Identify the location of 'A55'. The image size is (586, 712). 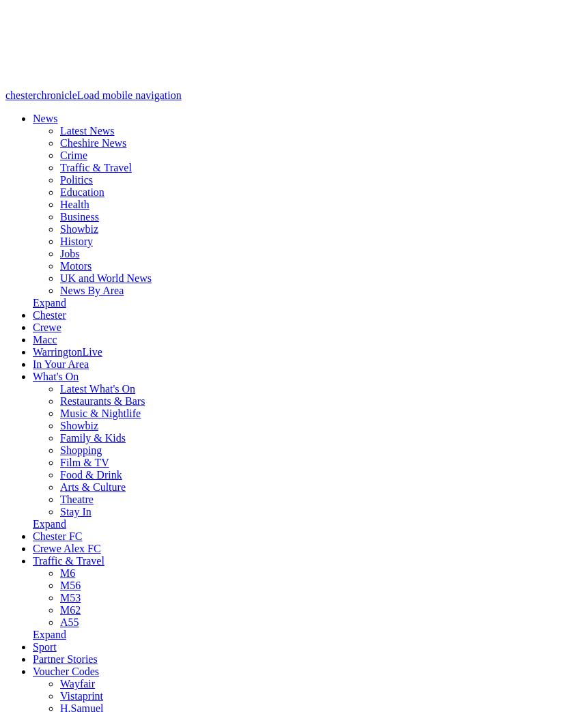
(69, 621).